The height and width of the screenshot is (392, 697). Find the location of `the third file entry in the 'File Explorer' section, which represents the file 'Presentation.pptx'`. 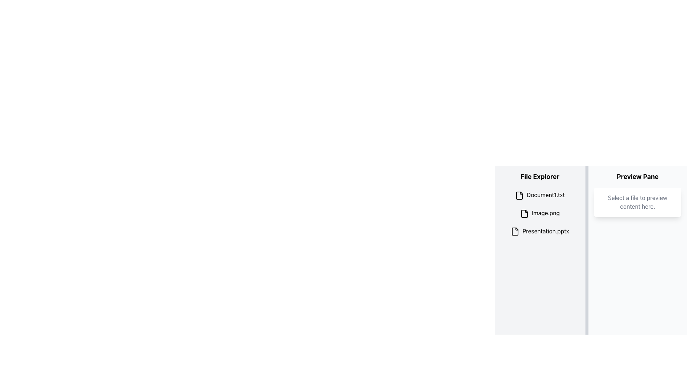

the third file entry in the 'File Explorer' section, which represents the file 'Presentation.pptx' is located at coordinates (540, 231).